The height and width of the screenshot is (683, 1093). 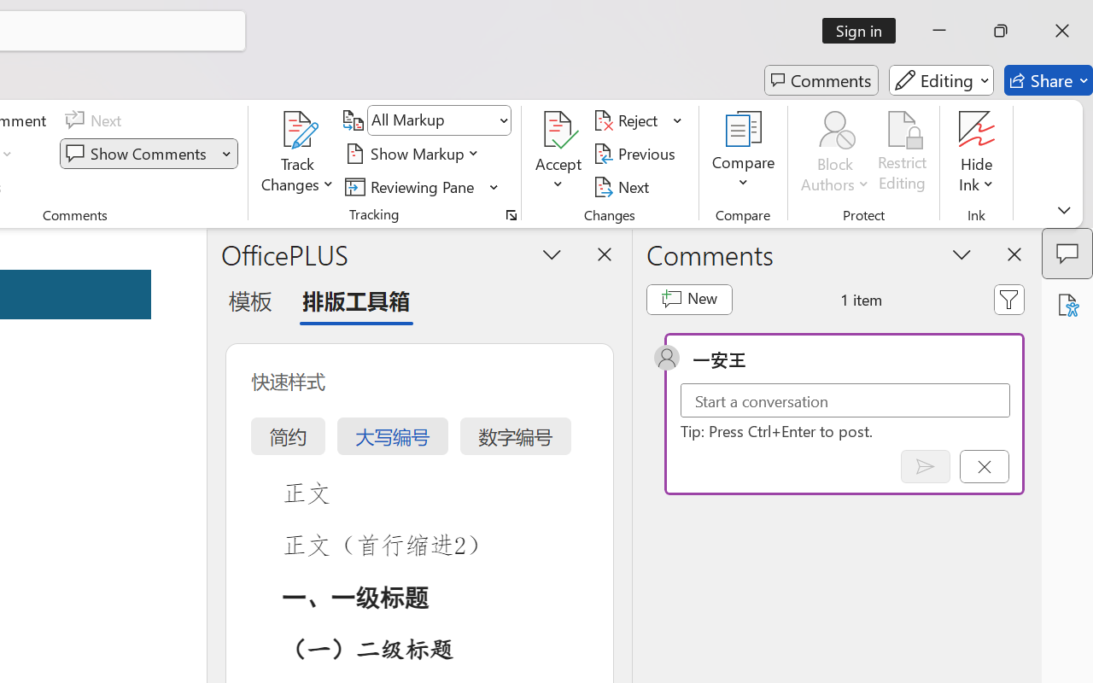 I want to click on 'Accept', so click(x=558, y=153).